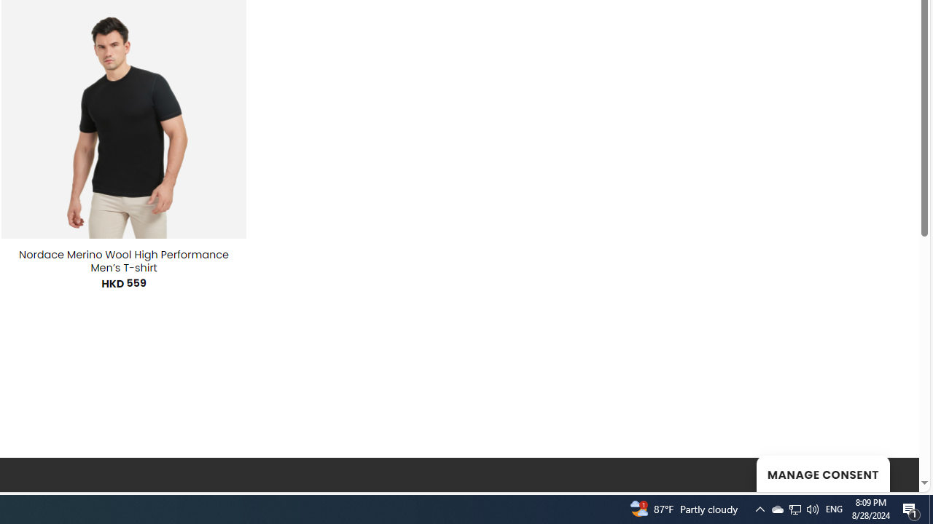  What do you see at coordinates (889, 472) in the screenshot?
I see `'Go to top'` at bounding box center [889, 472].